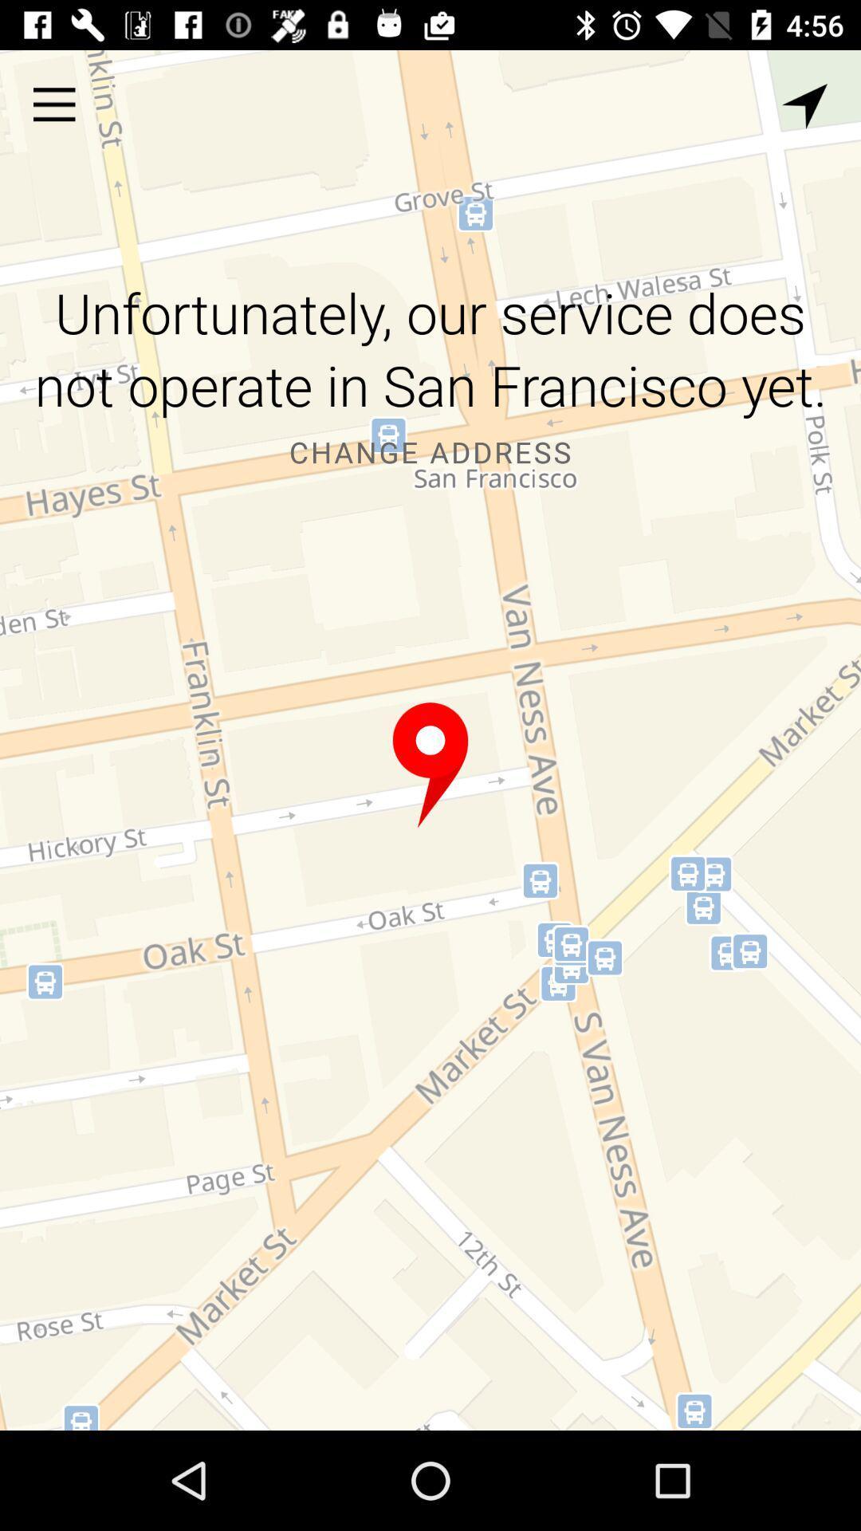 This screenshot has width=861, height=1531. I want to click on the navigation icon, so click(804, 105).